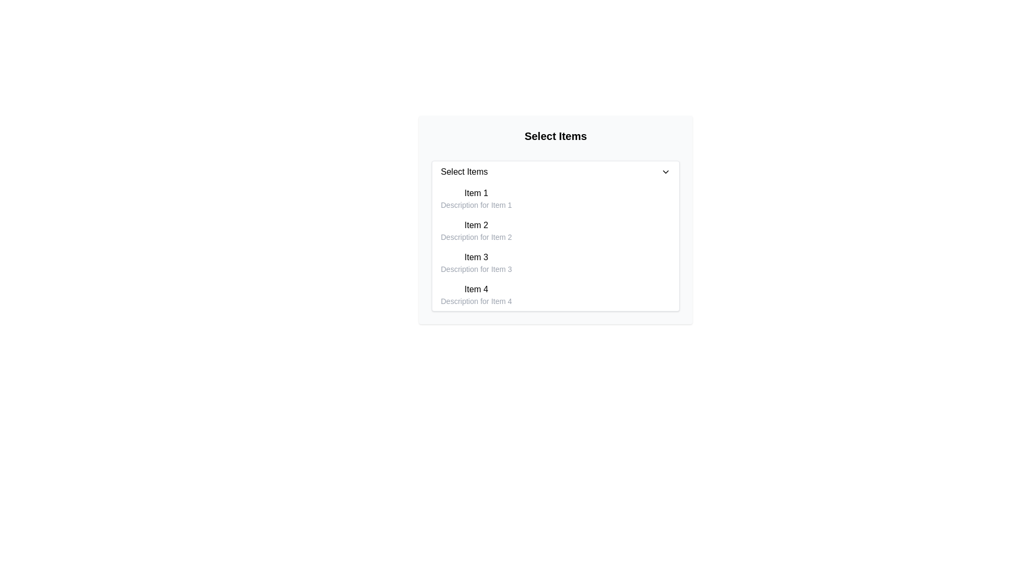 Image resolution: width=1026 pixels, height=577 pixels. What do you see at coordinates (476, 269) in the screenshot?
I see `descriptive label providing additional information about 'Item 3', which is located directly below the textual component labeled 'Item 3' in the dropdown menu` at bounding box center [476, 269].